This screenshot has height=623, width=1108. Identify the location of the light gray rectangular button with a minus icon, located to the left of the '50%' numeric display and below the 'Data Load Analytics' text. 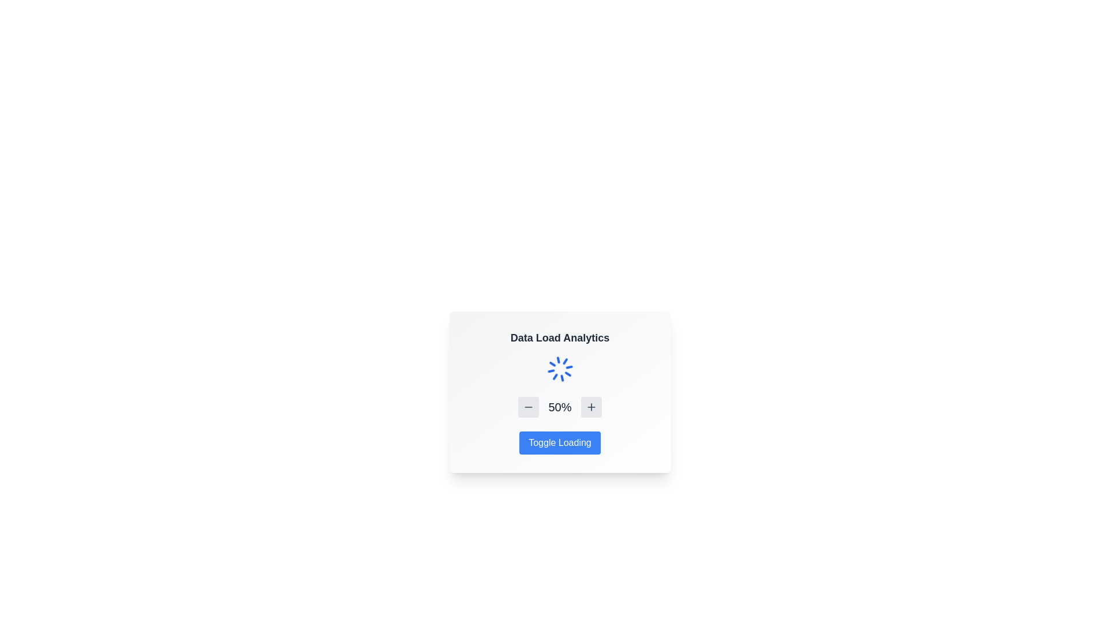
(528, 406).